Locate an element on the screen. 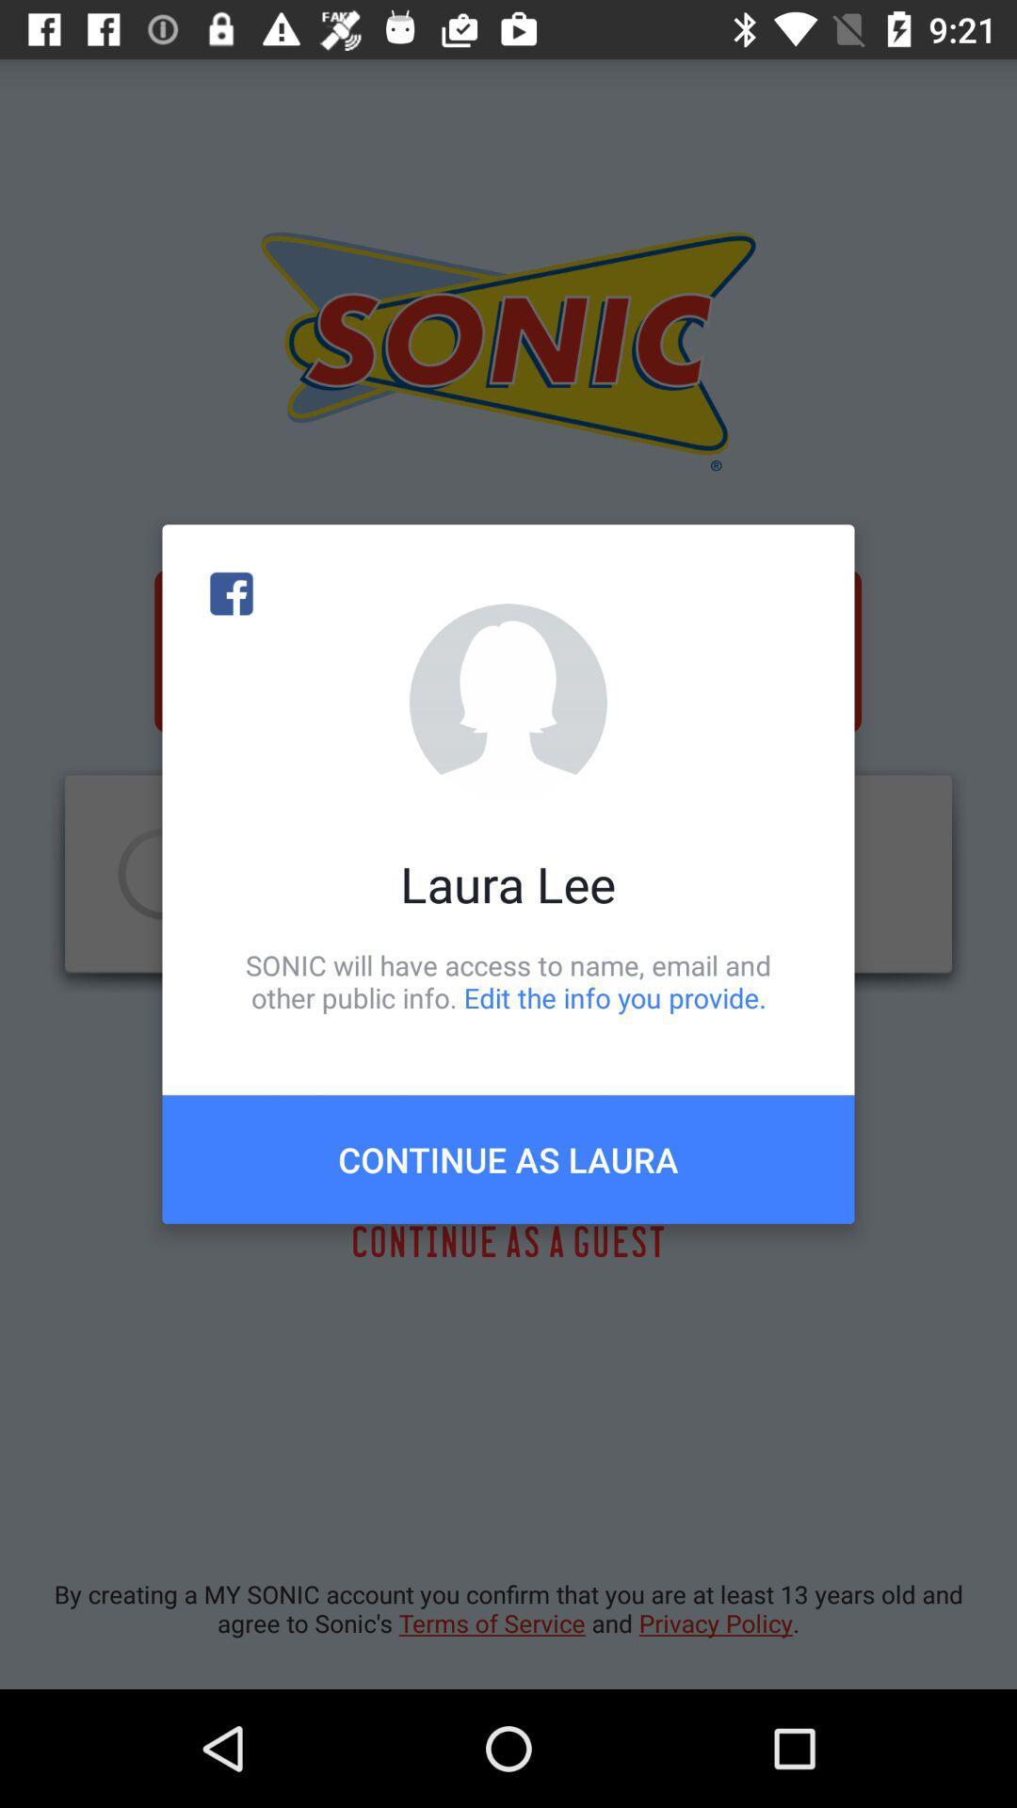 Image resolution: width=1017 pixels, height=1808 pixels. the continue as laura item is located at coordinates (508, 1158).